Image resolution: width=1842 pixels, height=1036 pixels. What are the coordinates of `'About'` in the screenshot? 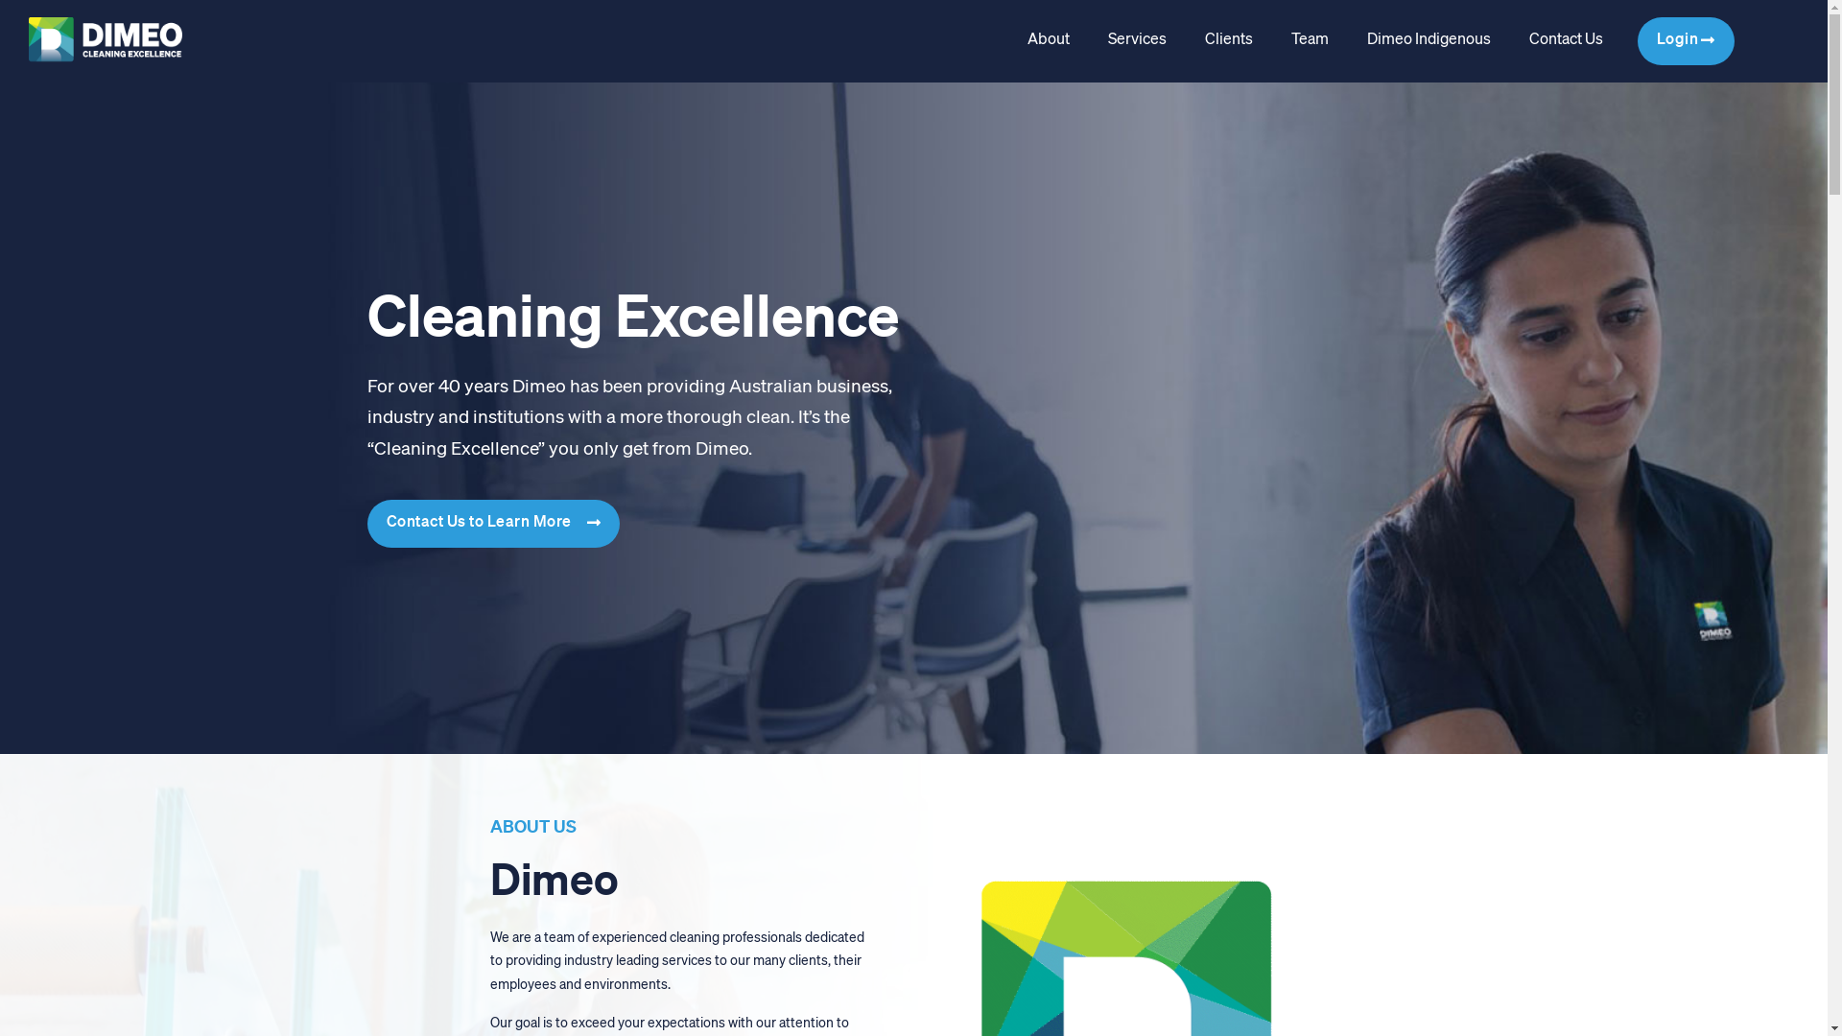 It's located at (1046, 40).